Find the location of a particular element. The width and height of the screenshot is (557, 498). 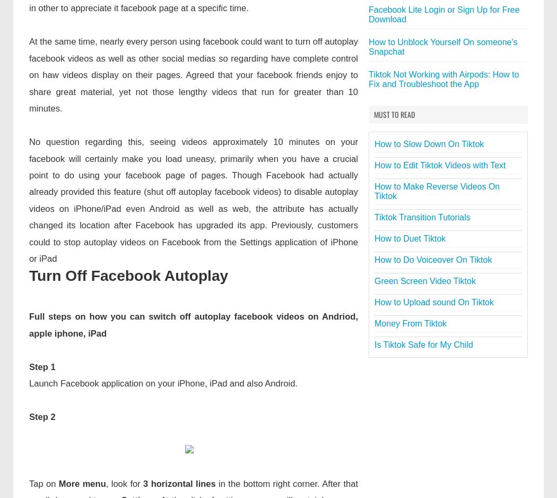

'Must To Read' is located at coordinates (394, 114).